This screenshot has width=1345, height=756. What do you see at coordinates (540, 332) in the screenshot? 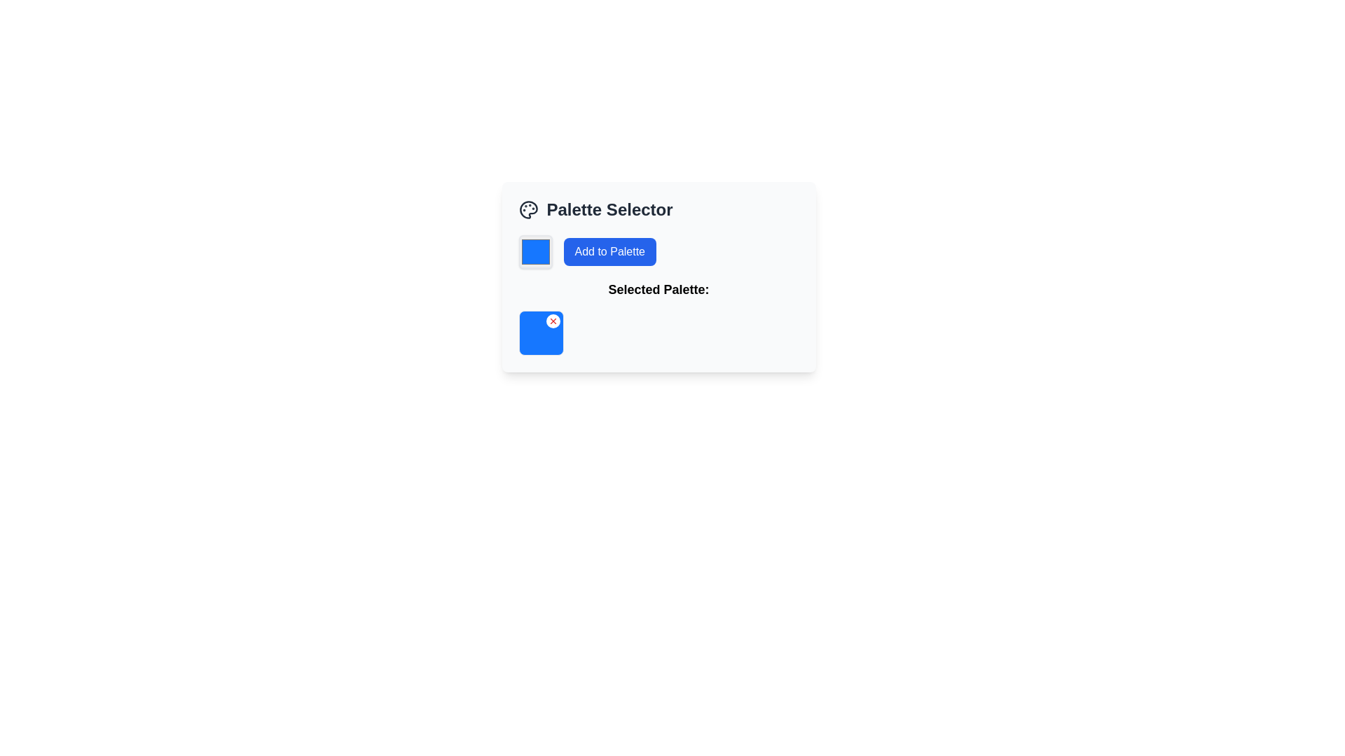
I see `the Color palette item with a vivid blue background and a removal button featuring a red 'X' symbol` at bounding box center [540, 332].